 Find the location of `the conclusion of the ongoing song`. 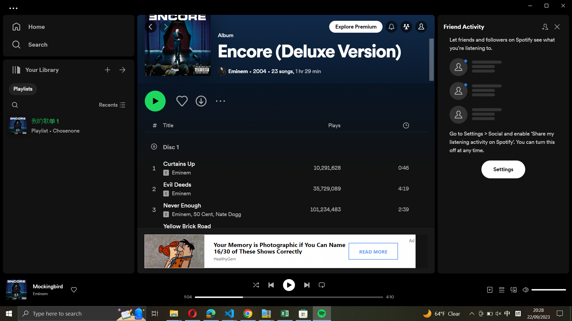

the conclusion of the ongoing song is located at coordinates (379, 298).